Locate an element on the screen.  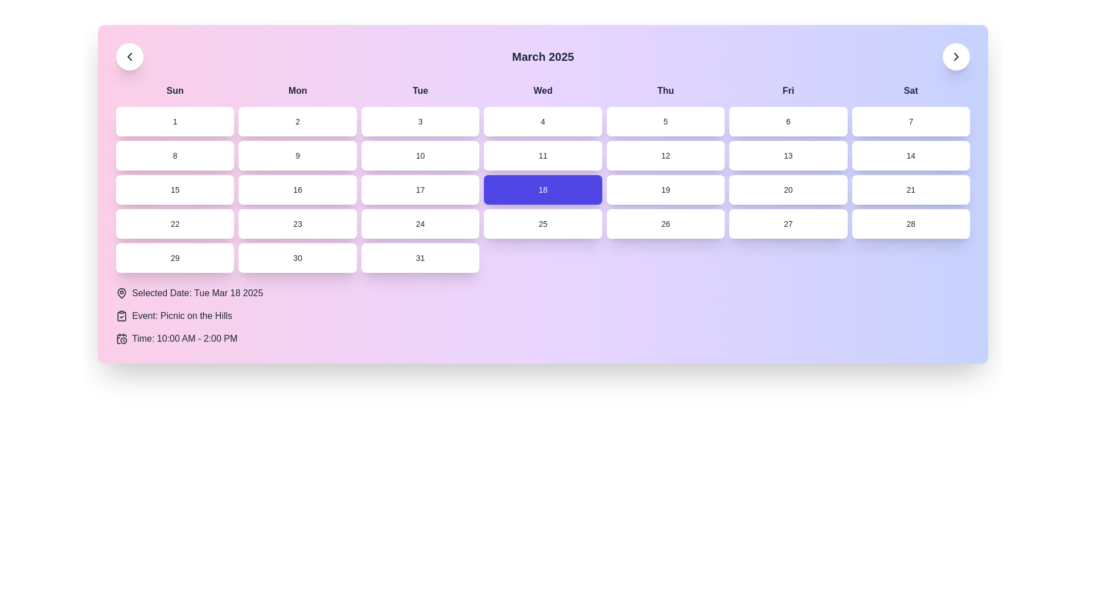
the small calendar-clock icon located to the left of the text 'Time: 10:00 AM - 2:00 PM', which features a black outline and represents date and time visually is located at coordinates (122, 338).